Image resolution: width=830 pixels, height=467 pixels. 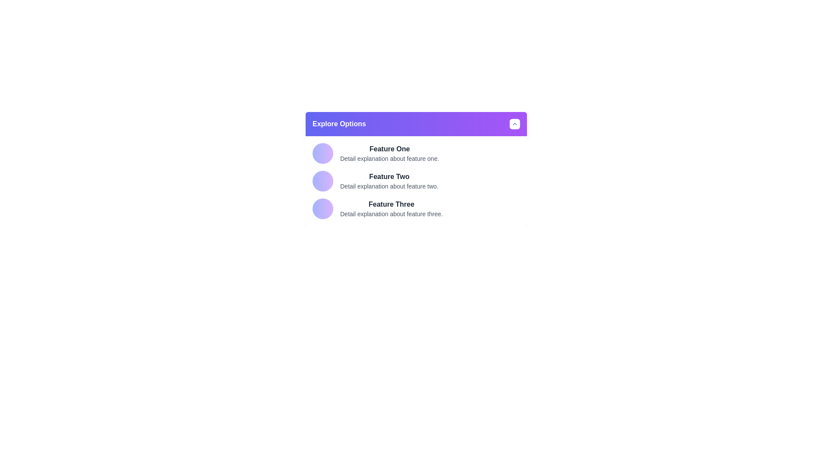 What do you see at coordinates (389, 176) in the screenshot?
I see `text label that serves as a header for a feature, located between 'Feature One' and its description` at bounding box center [389, 176].